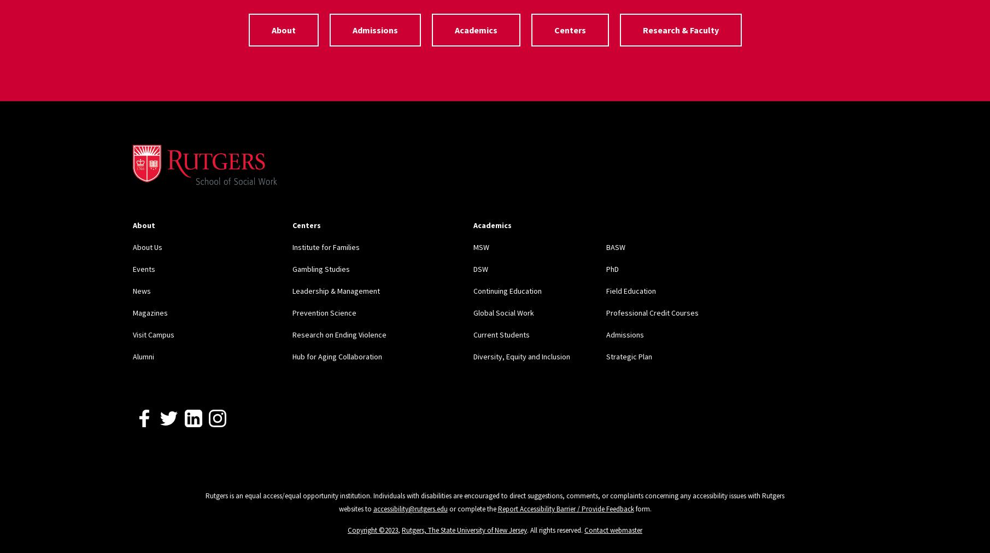 The image size is (990, 553). Describe the element at coordinates (506, 290) in the screenshot. I see `'Continuing Education'` at that location.